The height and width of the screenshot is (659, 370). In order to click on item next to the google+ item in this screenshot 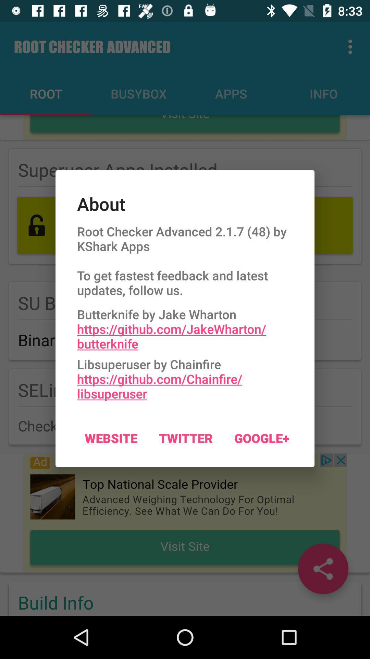, I will do `click(186, 438)`.